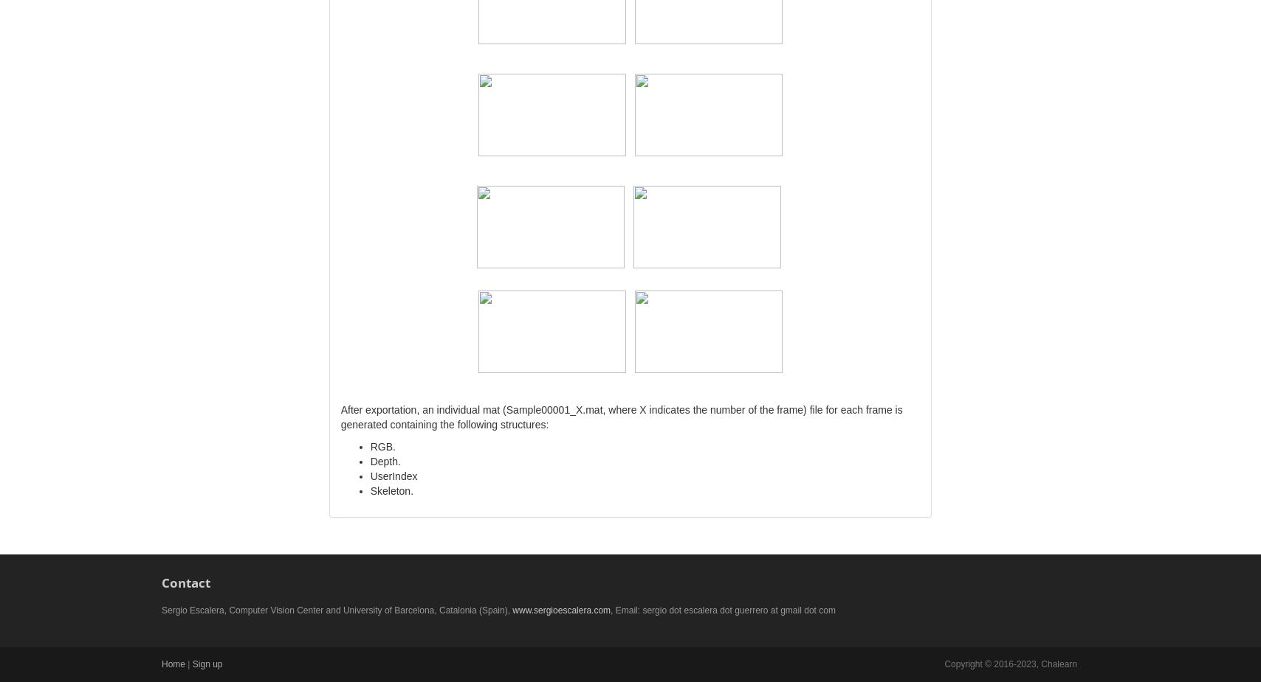 This screenshot has width=1261, height=682. I want to click on 'Sergio Escalera, Computer Vision Center and University of Barcelona, Catalonia (Spain),', so click(337, 610).